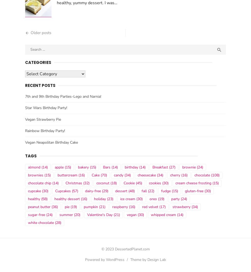 The width and height of the screenshot is (251, 272). I want to click on '(57)', so click(70, 193).